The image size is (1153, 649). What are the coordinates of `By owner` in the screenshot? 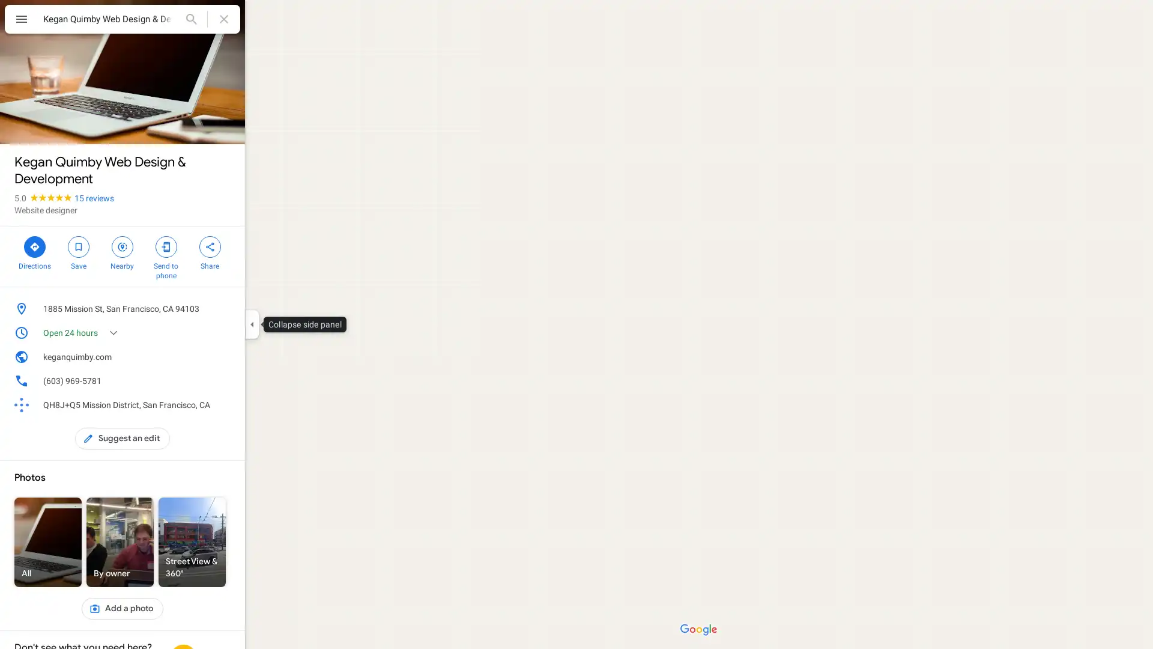 It's located at (120, 542).